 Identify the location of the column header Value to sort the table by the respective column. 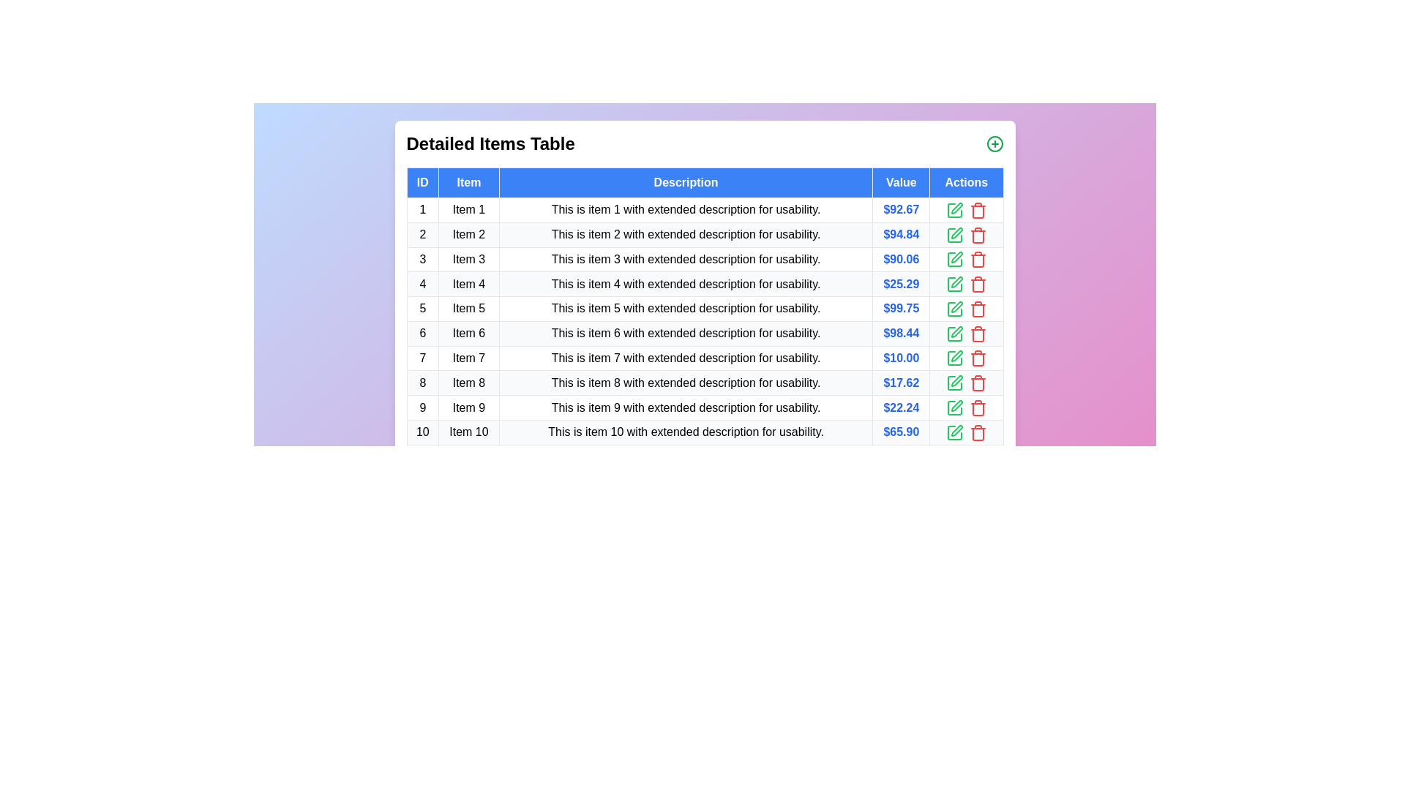
(899, 182).